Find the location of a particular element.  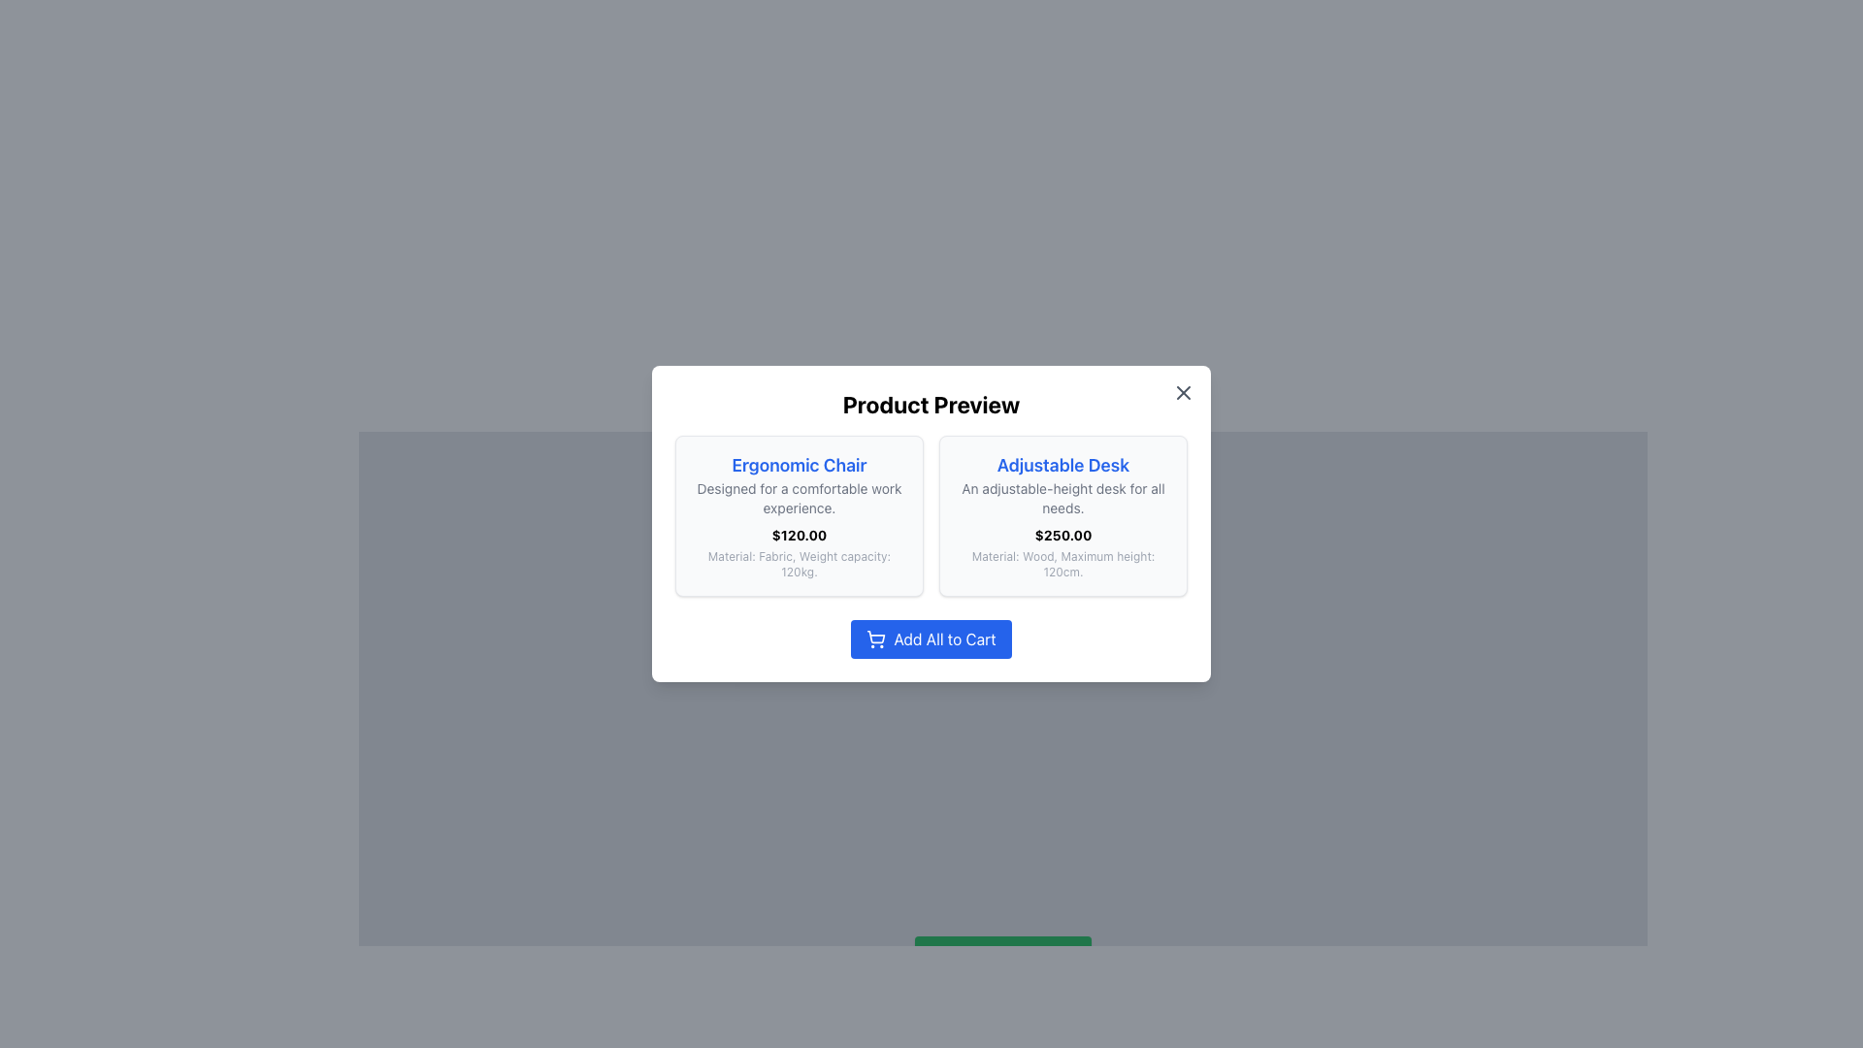

the close button located at the top-right corner of the modal dialog is located at coordinates (1182, 393).